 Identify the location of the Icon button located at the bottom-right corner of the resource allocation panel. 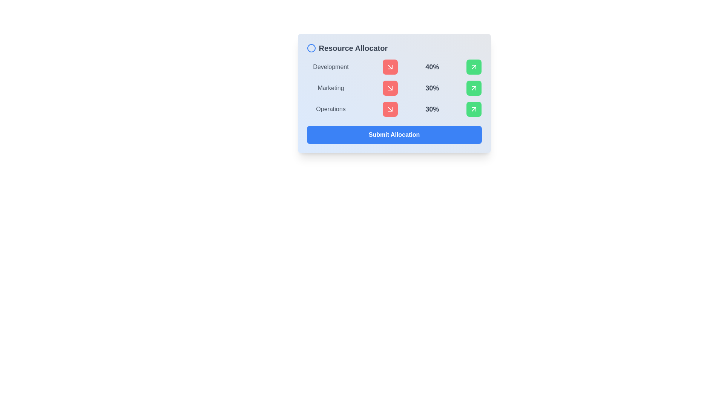
(474, 109).